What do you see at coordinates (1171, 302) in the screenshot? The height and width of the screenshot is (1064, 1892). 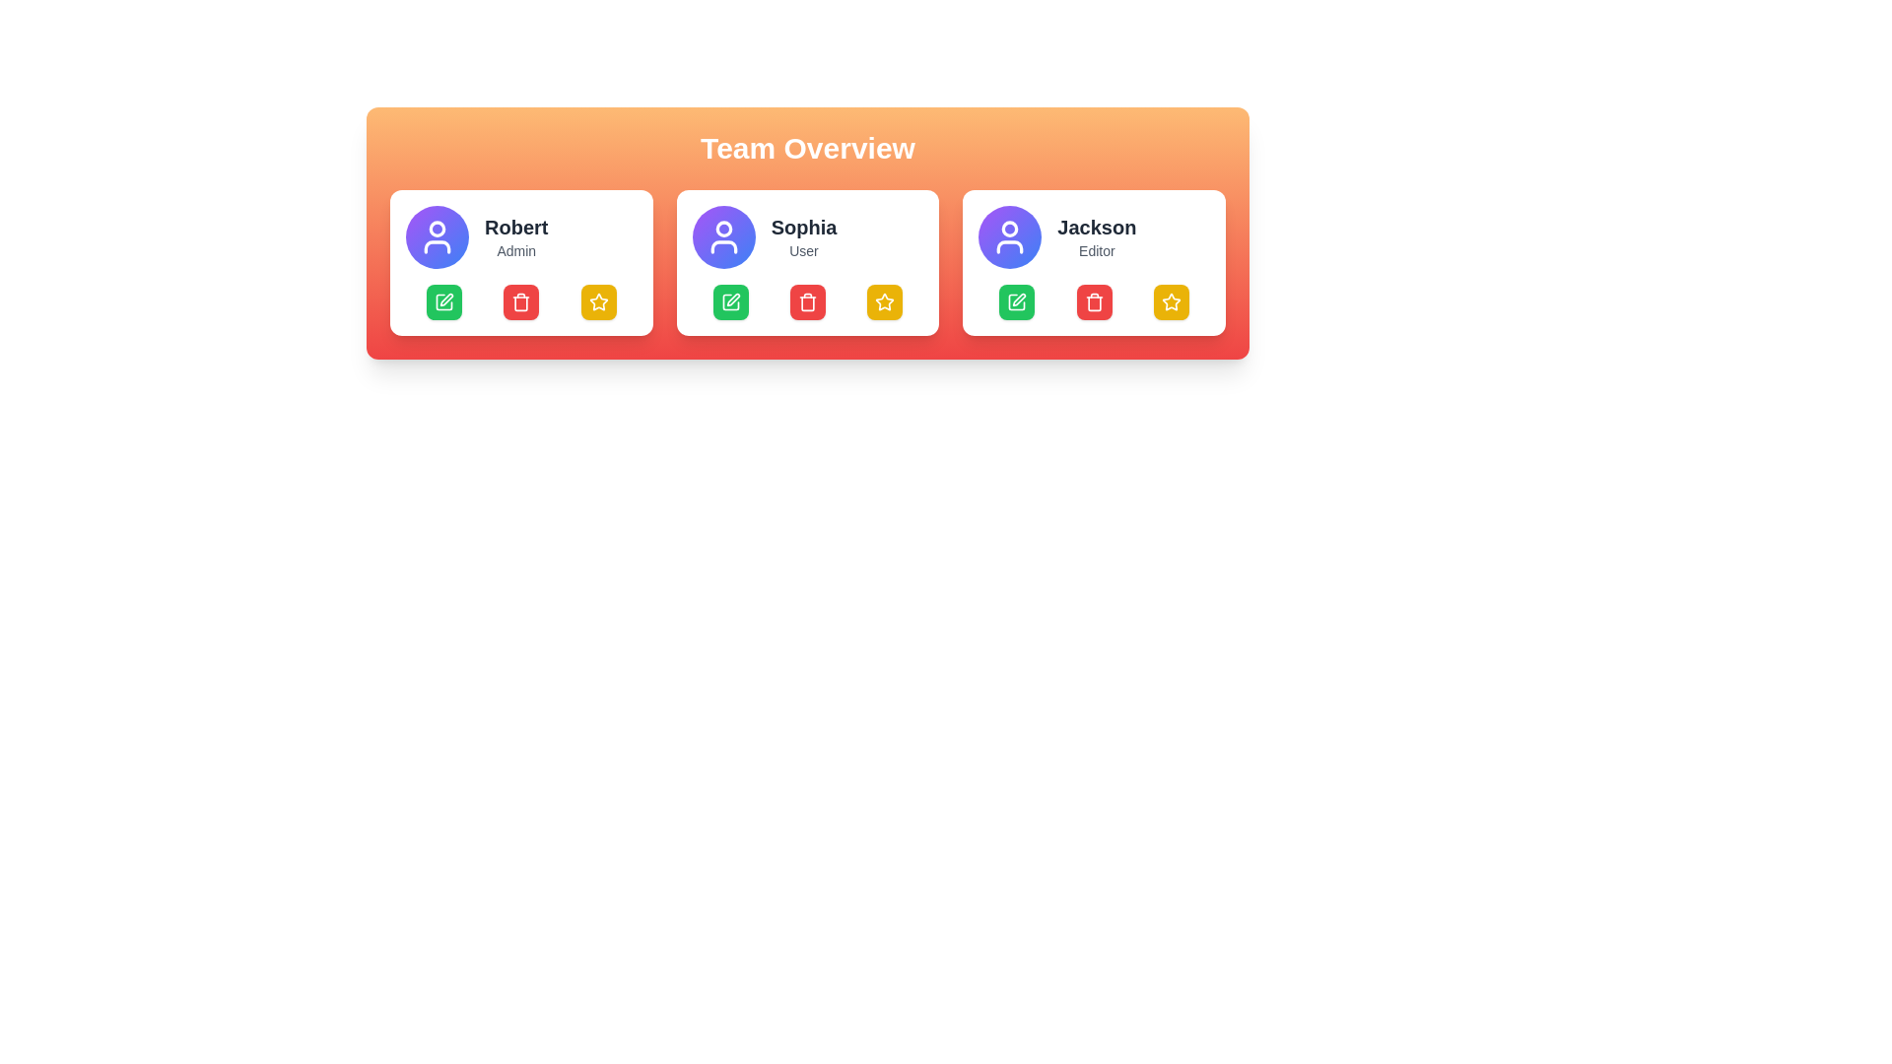 I see `the golden-yellow star-shaped icon located in the bottom-right corner of Jackson's card` at bounding box center [1171, 302].